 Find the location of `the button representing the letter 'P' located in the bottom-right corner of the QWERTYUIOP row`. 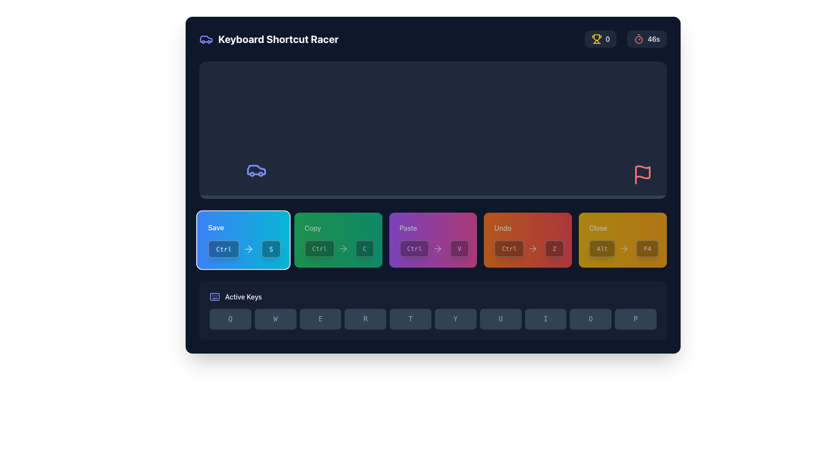

the button representing the letter 'P' located in the bottom-right corner of the QWERTYUIOP row is located at coordinates (636, 319).